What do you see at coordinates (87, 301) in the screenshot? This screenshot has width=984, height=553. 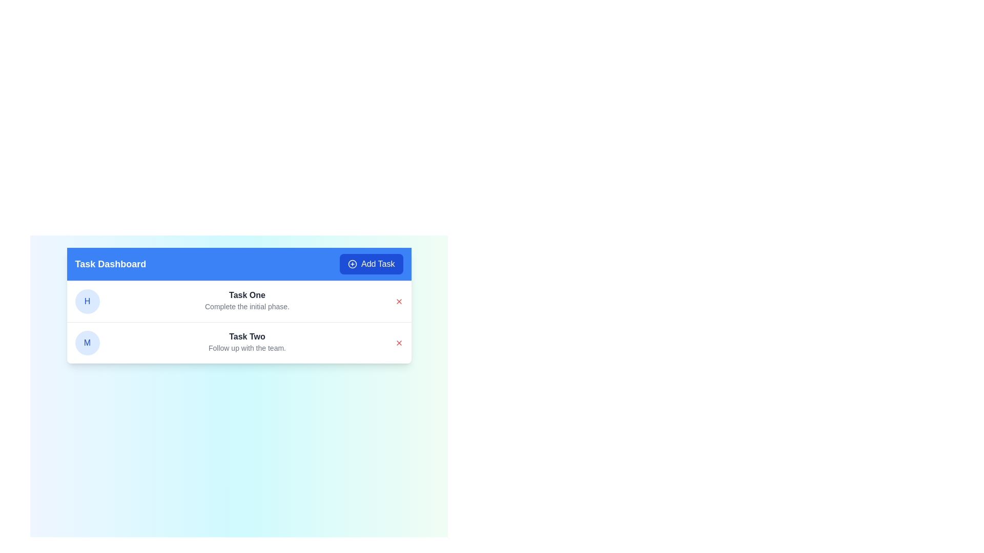 I see `the Avatar or icon representation located at the leftmost side of the task entry row for 'Task One'` at bounding box center [87, 301].